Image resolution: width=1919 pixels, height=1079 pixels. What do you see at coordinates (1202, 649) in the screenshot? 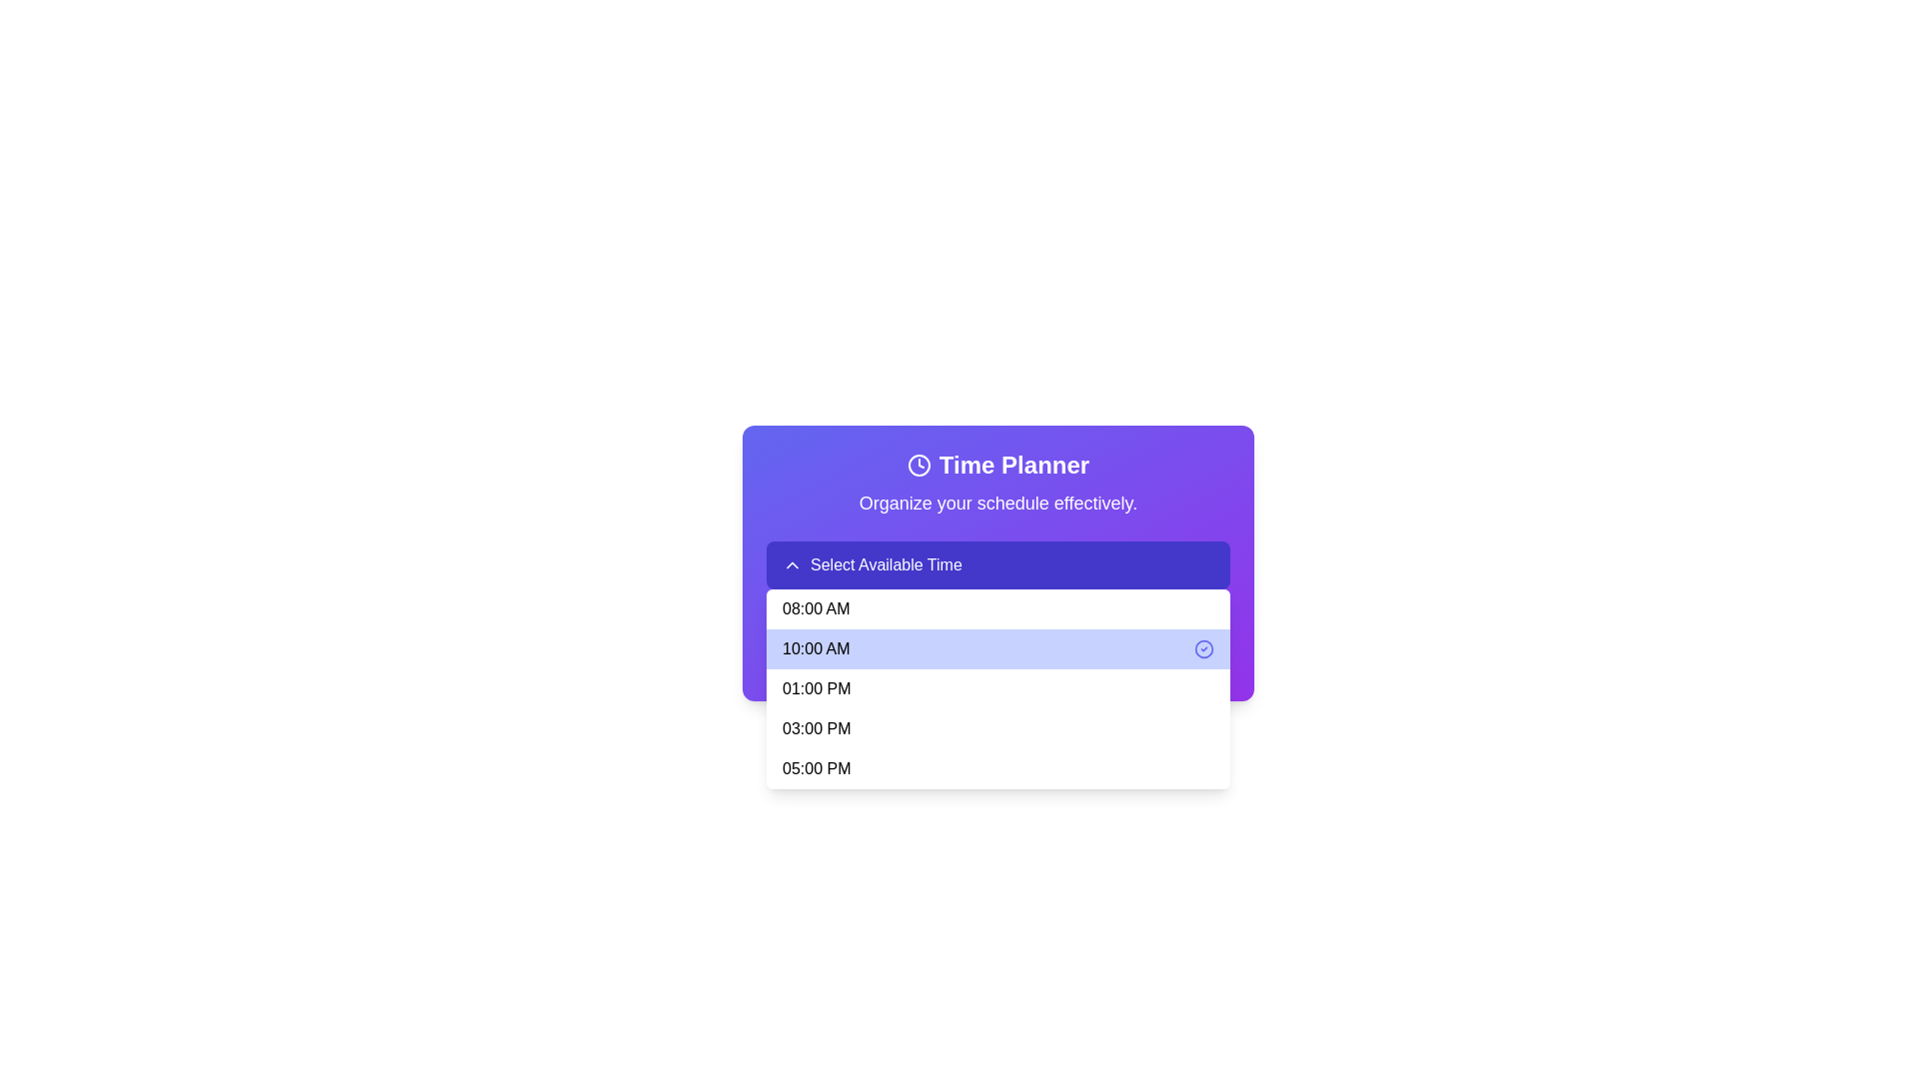
I see `the circular blue icon with a checkmark that signifies an active state, located to the right of the text '10:00 AM' in the list item` at bounding box center [1202, 649].